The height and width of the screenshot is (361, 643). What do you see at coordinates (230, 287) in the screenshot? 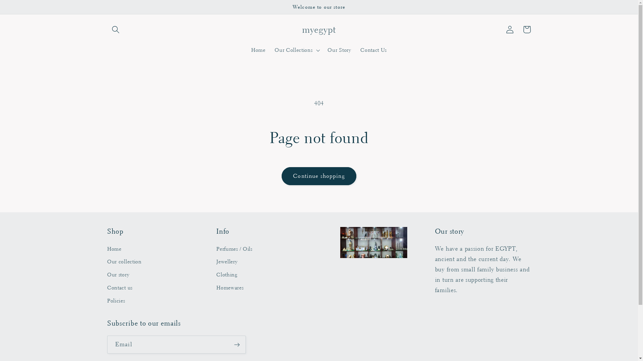
I see `'Homewares'` at bounding box center [230, 287].